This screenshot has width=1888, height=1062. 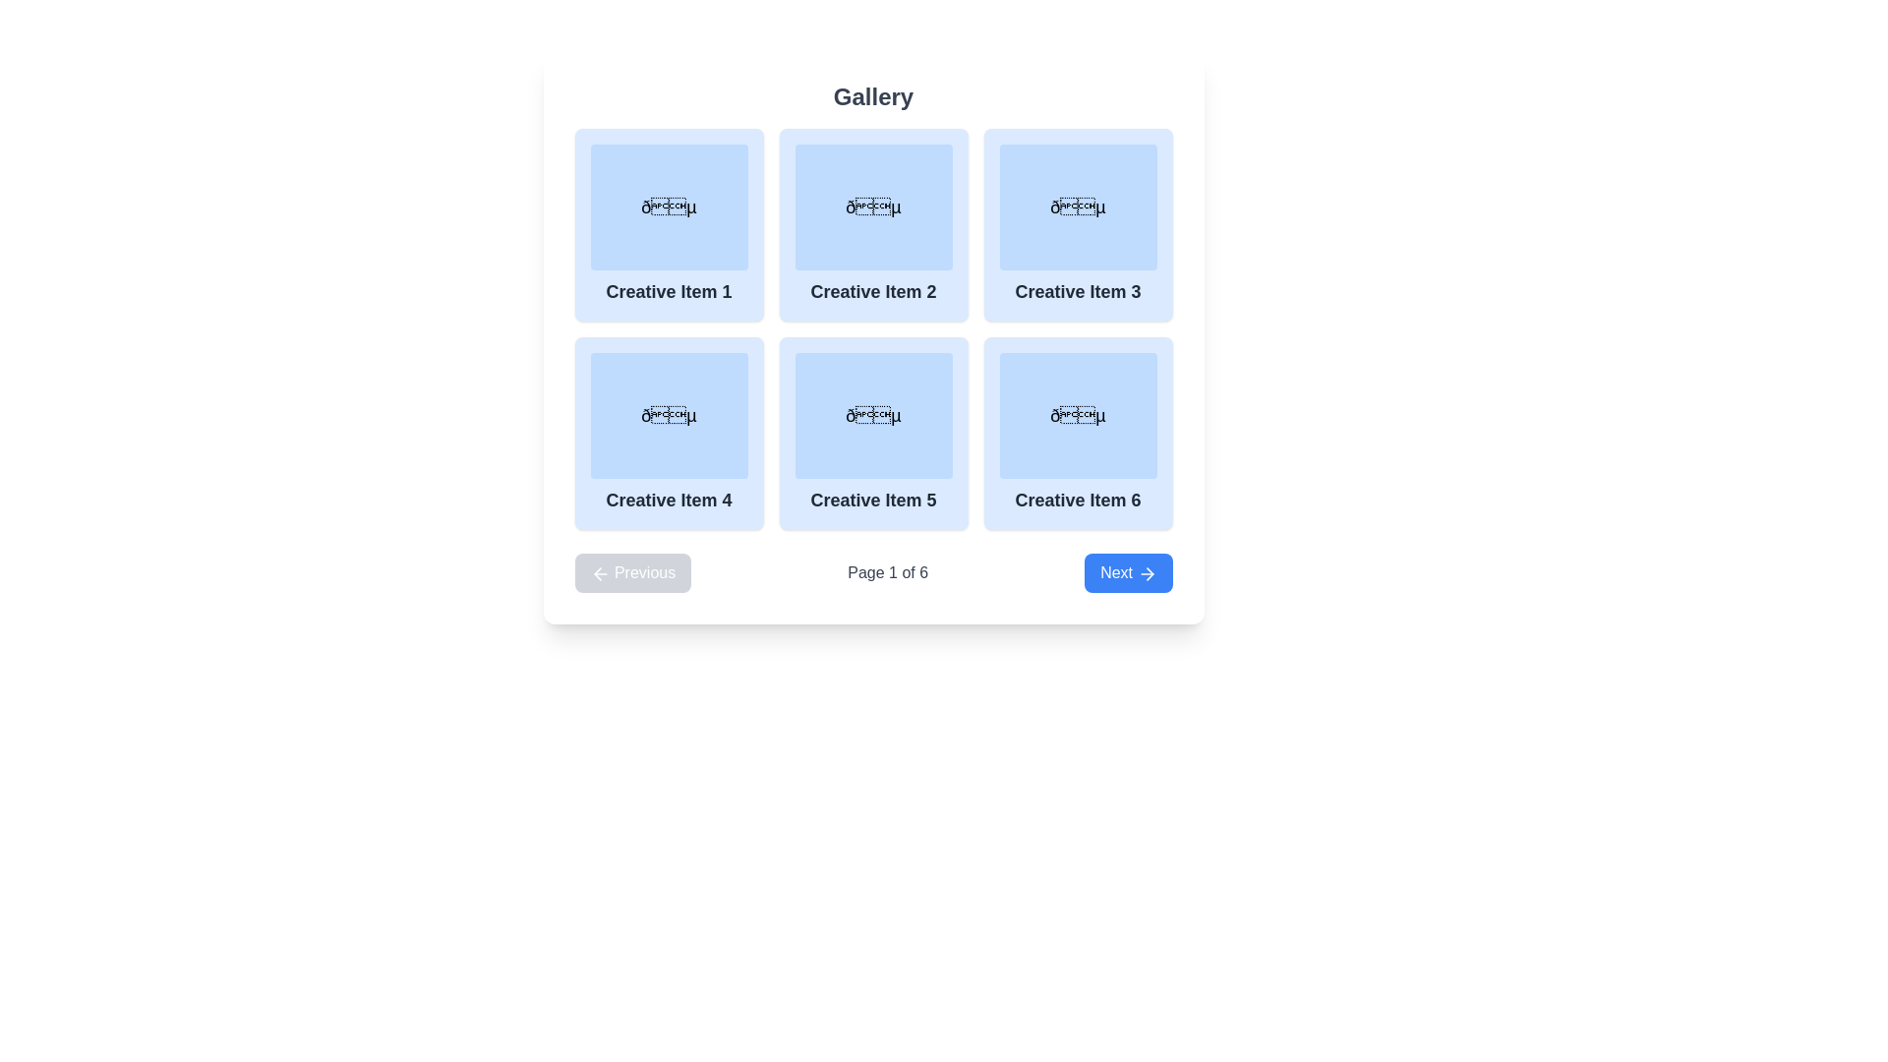 I want to click on the navigation button located at the bottom-right corner of the pagination controls, so click(x=1128, y=572).